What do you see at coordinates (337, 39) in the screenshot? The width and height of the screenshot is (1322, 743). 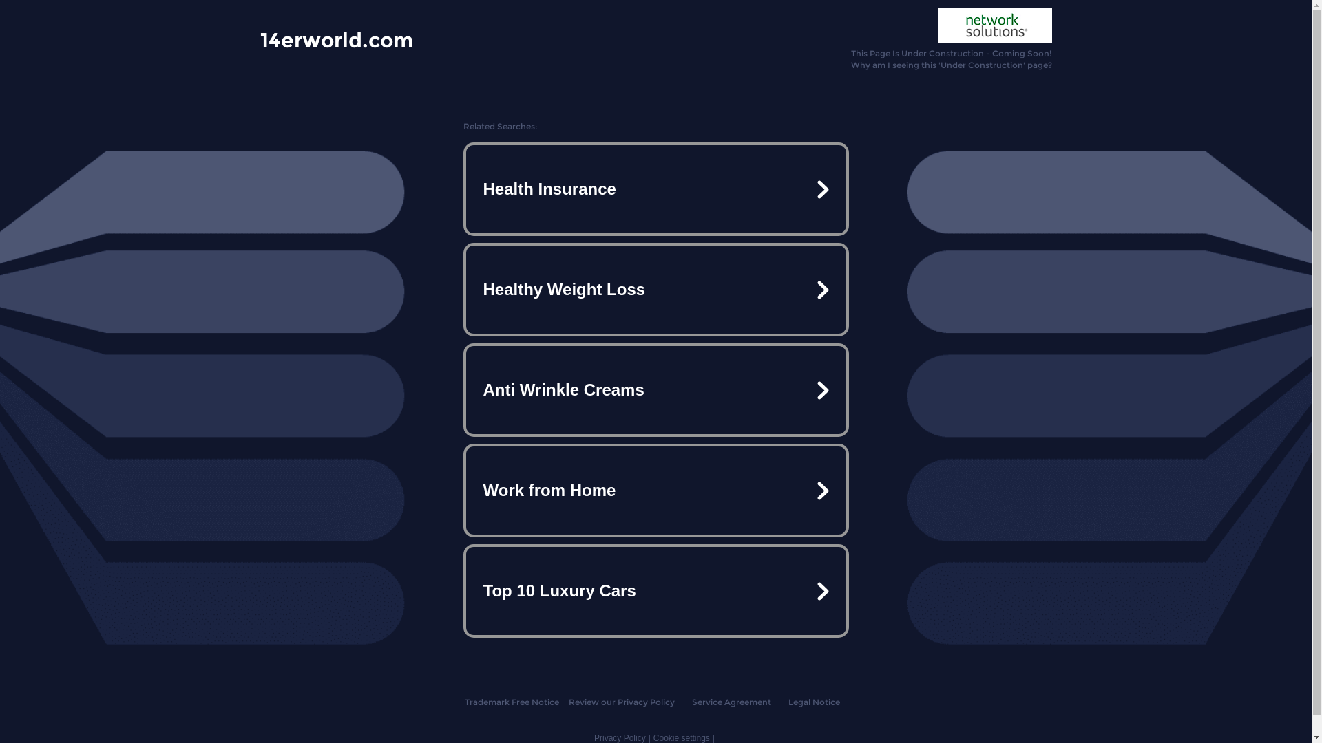 I see `'14erworld.com'` at bounding box center [337, 39].